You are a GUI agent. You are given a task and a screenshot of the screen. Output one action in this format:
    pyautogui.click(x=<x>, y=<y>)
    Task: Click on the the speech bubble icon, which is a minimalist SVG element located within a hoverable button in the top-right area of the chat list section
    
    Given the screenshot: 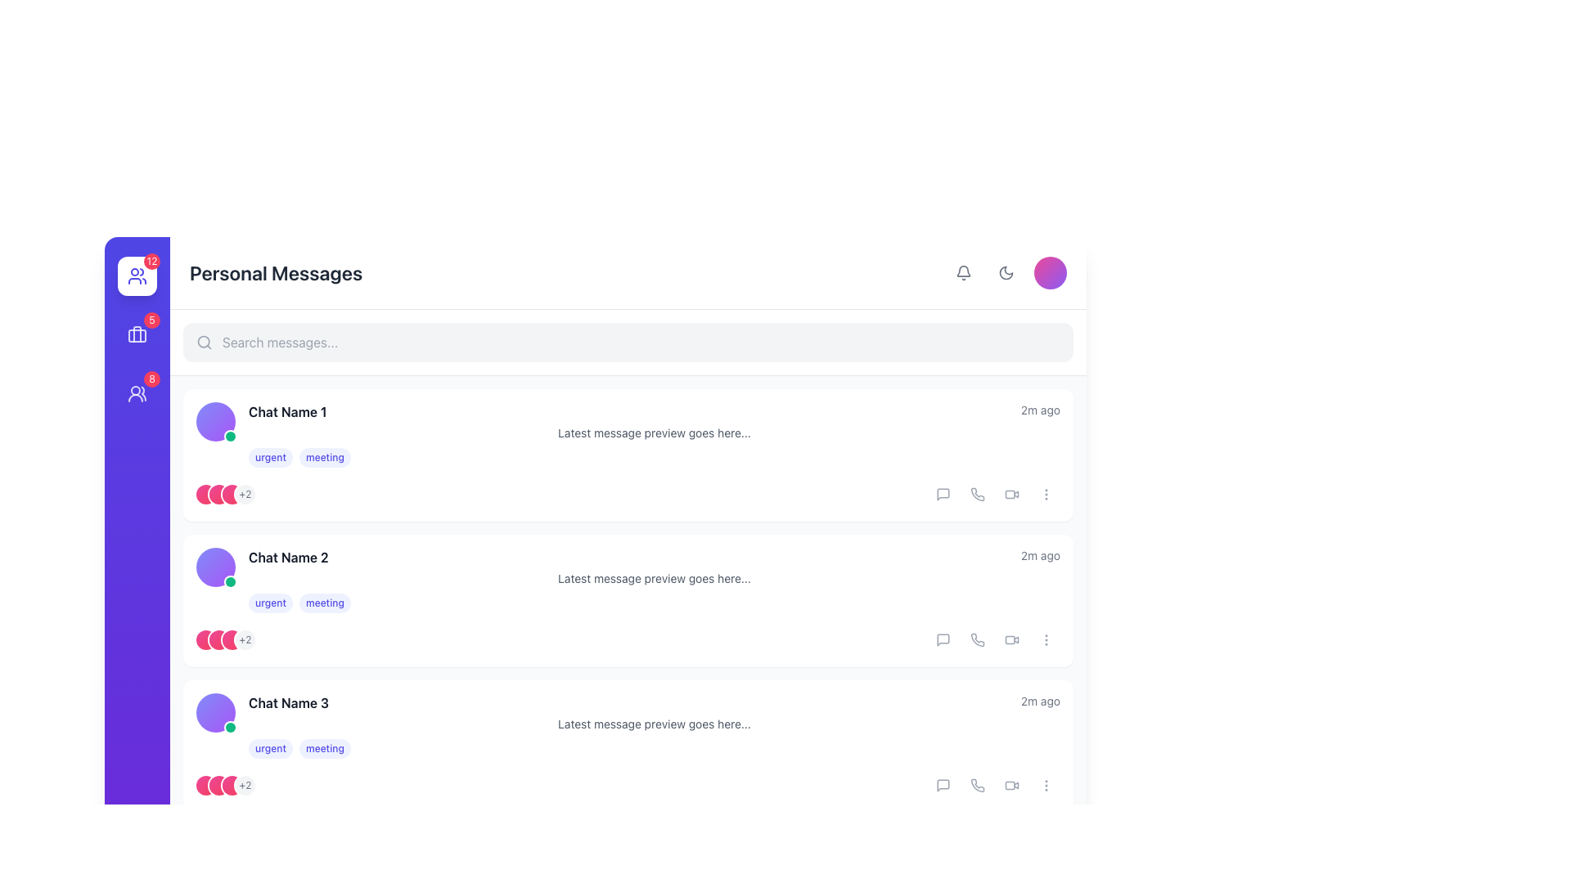 What is the action you would take?
    pyautogui.click(x=943, y=494)
    